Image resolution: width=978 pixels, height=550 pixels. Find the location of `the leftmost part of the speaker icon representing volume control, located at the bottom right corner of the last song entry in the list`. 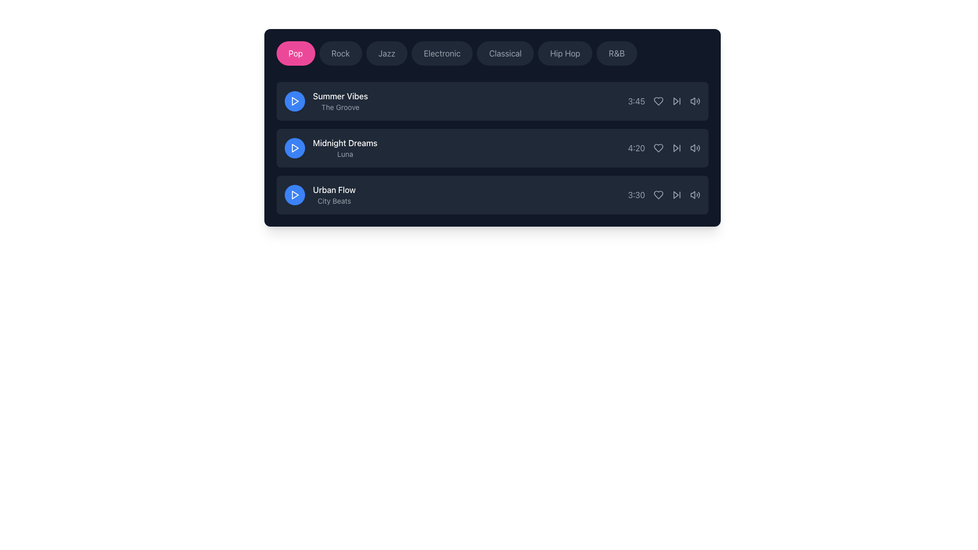

the leftmost part of the speaker icon representing volume control, located at the bottom right corner of the last song entry in the list is located at coordinates (692, 195).